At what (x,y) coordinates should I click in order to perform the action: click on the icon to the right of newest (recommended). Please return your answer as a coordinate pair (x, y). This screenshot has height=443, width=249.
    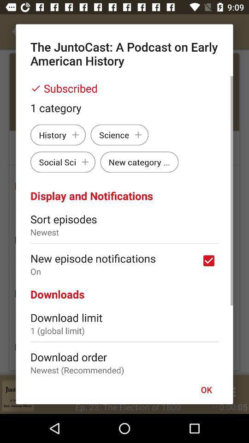
    Looking at the image, I should click on (206, 389).